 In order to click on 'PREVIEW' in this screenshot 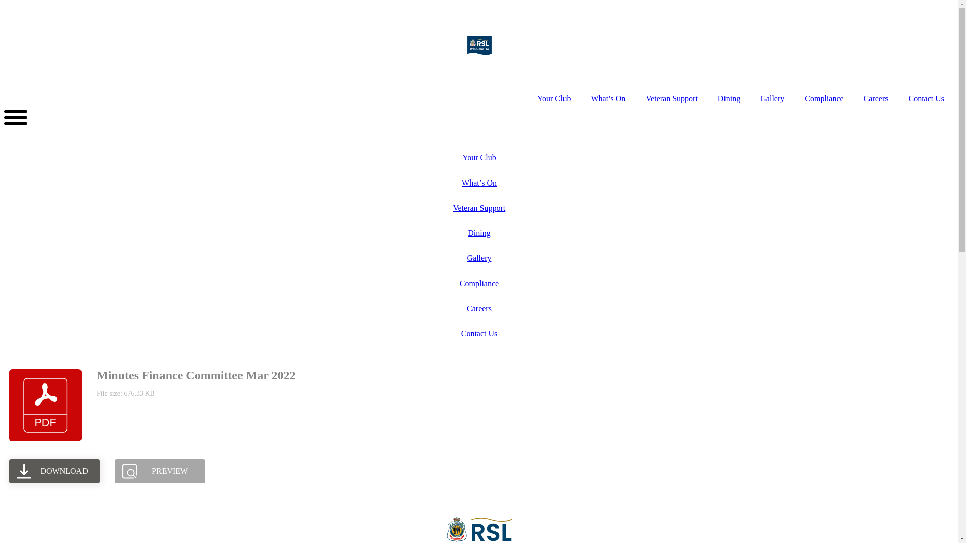, I will do `click(159, 471)`.